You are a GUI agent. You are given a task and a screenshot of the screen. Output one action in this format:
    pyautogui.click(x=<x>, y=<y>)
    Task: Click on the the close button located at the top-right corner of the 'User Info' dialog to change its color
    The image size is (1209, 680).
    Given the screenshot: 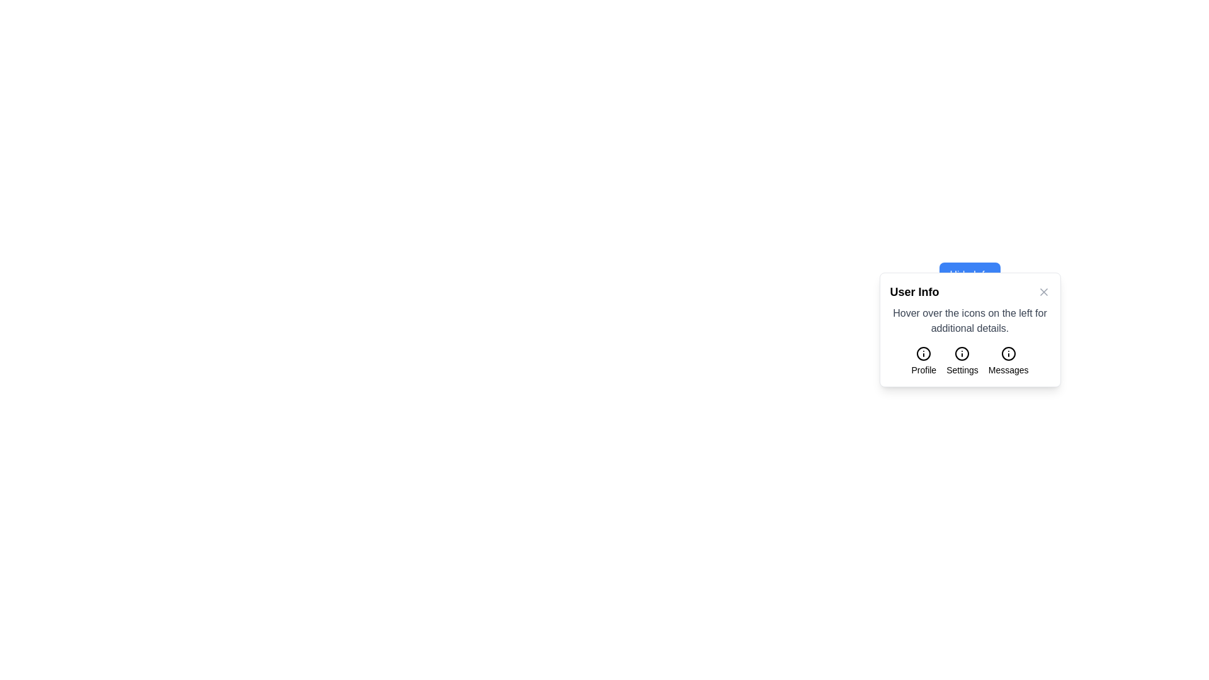 What is the action you would take?
    pyautogui.click(x=1043, y=292)
    